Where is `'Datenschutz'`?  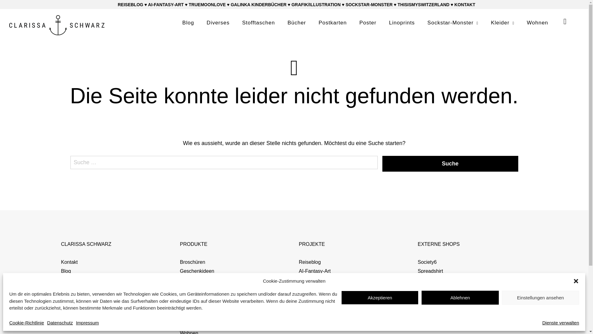
'Datenschutz' is located at coordinates (60, 322).